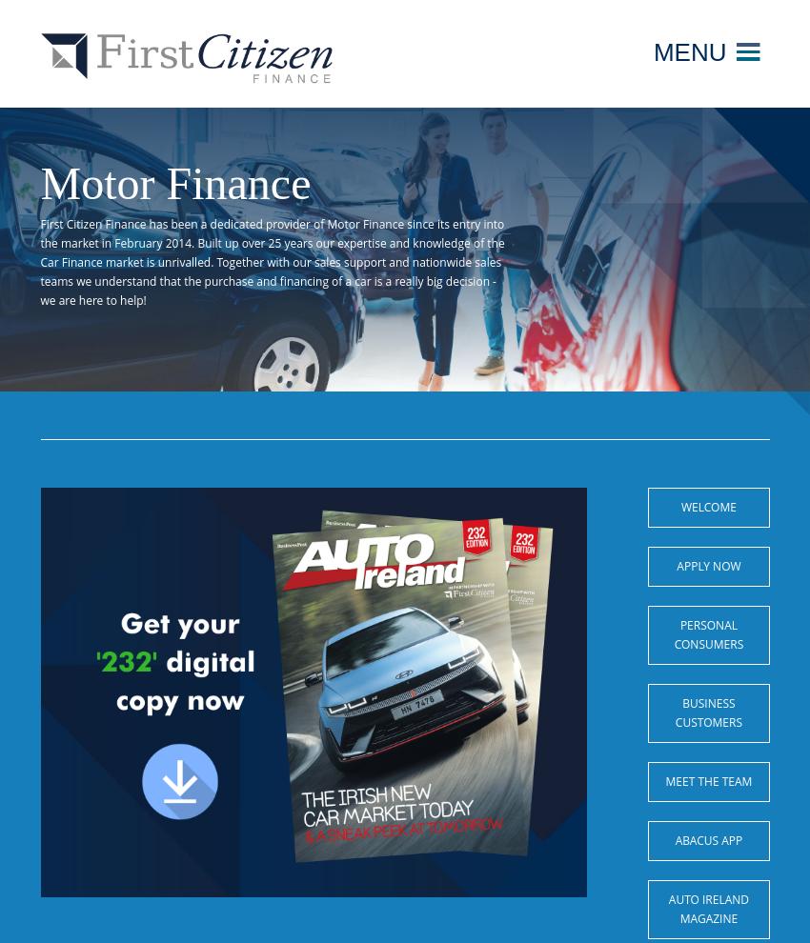 This screenshot has height=943, width=810. I want to click on 'Motor Finance', so click(174, 183).